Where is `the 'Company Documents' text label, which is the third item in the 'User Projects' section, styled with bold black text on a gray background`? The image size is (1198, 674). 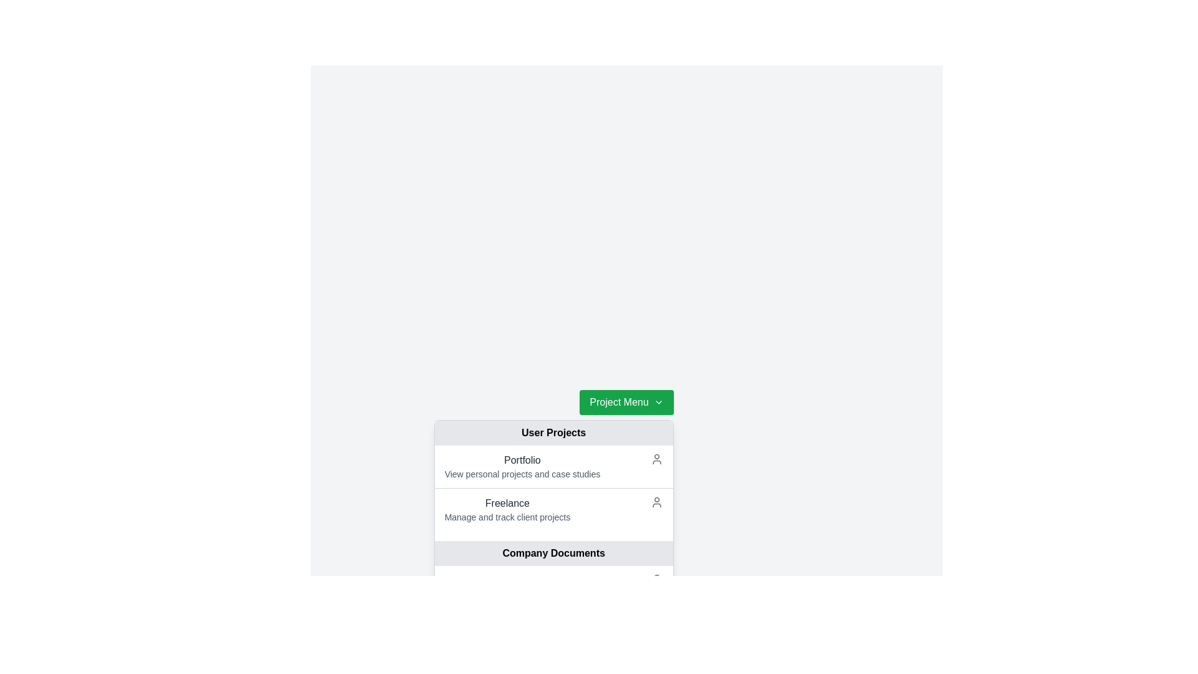
the 'Company Documents' text label, which is the third item in the 'User Projects' section, styled with bold black text on a gray background is located at coordinates (553, 553).